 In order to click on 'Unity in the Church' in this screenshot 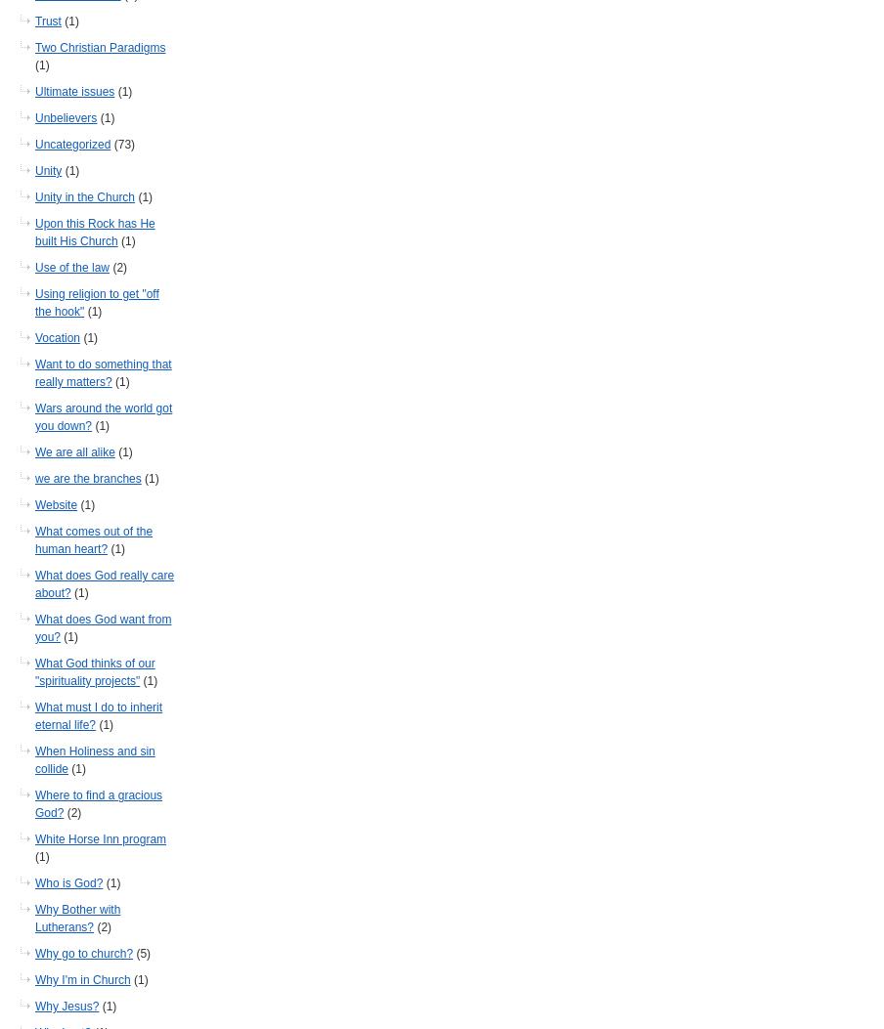, I will do `click(84, 196)`.